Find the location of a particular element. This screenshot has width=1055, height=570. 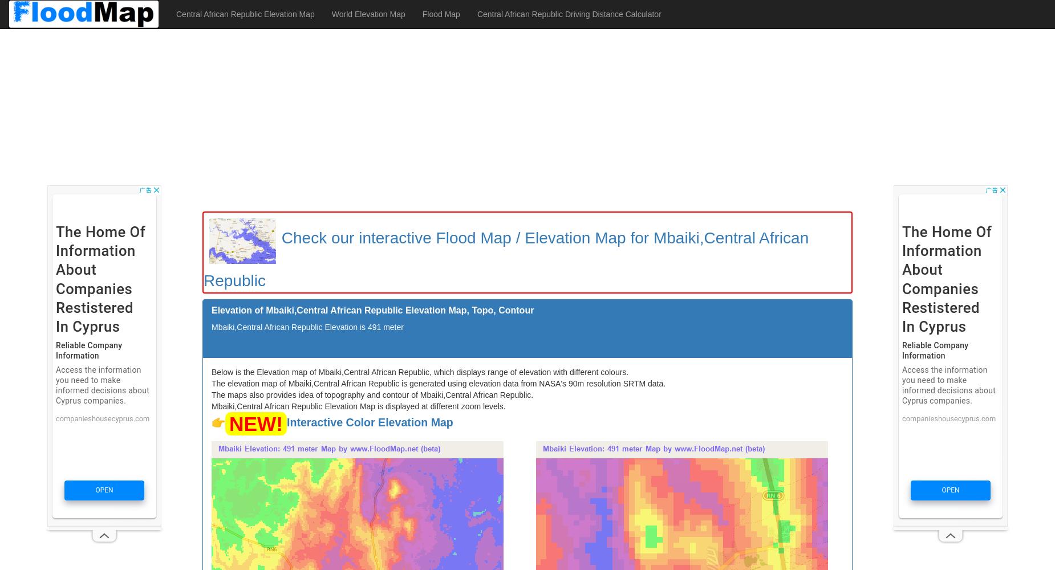

'Check our interactive Flood Map / Elevation Map for Mbaiki,Central African Republic' is located at coordinates (506, 258).